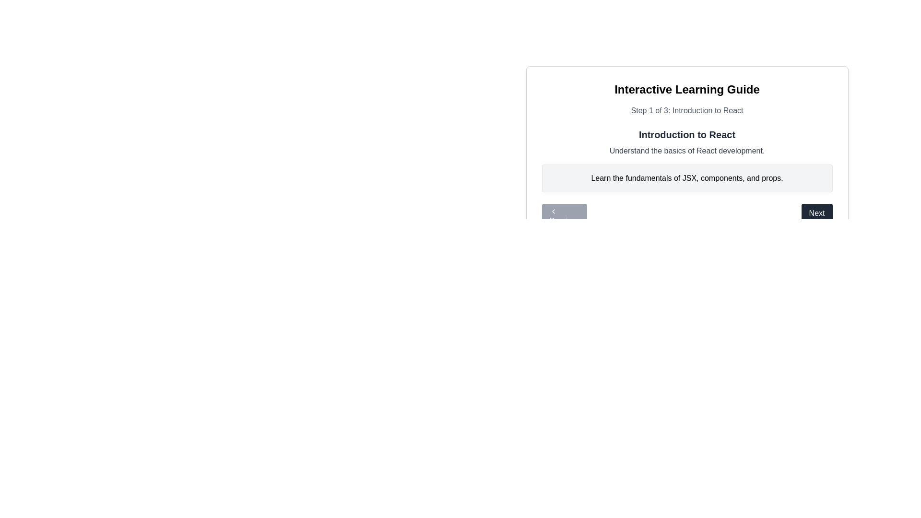 Image resolution: width=921 pixels, height=518 pixels. I want to click on the disabled navigation button located on the left side of the horizontal button group at the bottom of the instructional content box, so click(564, 217).